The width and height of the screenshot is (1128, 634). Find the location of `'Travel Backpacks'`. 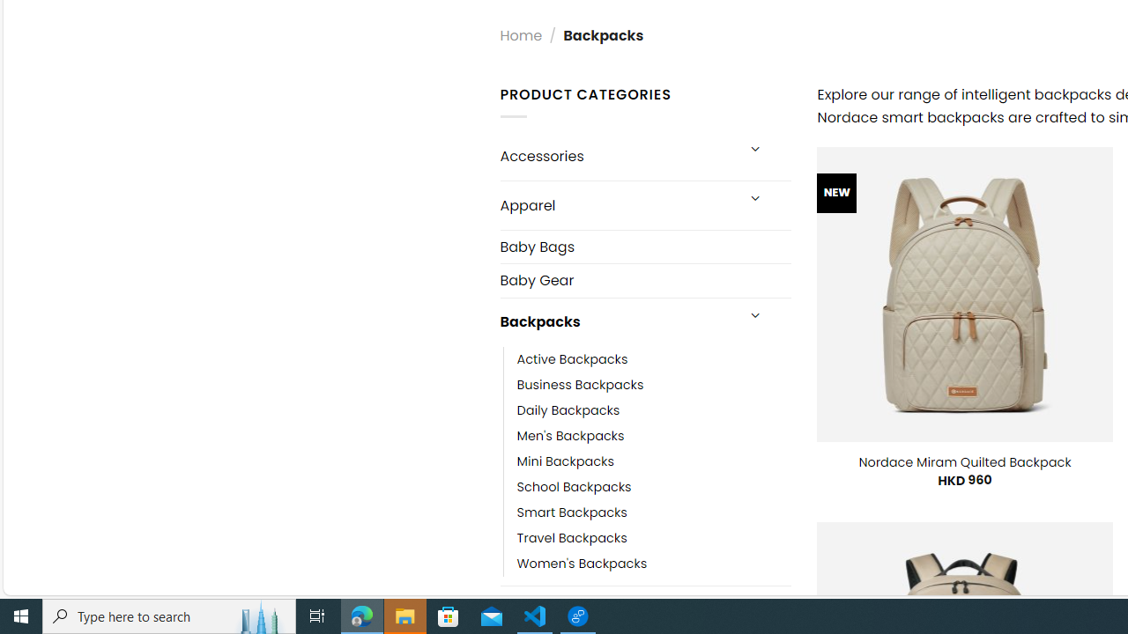

'Travel Backpacks' is located at coordinates (571, 536).